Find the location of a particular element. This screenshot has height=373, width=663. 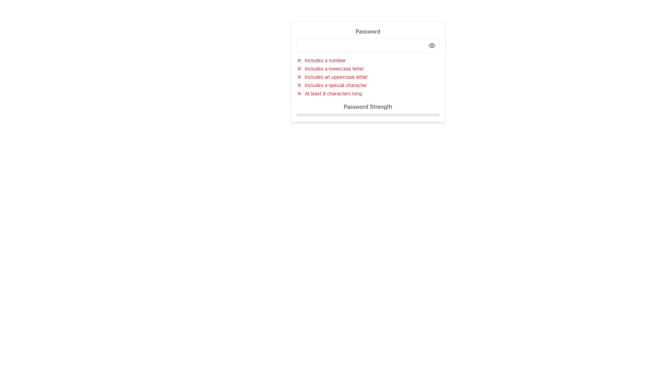

the Text and graphical feedback component that indicates password strength, located above the linear progress bar and below the list of password requirements is located at coordinates (367, 109).